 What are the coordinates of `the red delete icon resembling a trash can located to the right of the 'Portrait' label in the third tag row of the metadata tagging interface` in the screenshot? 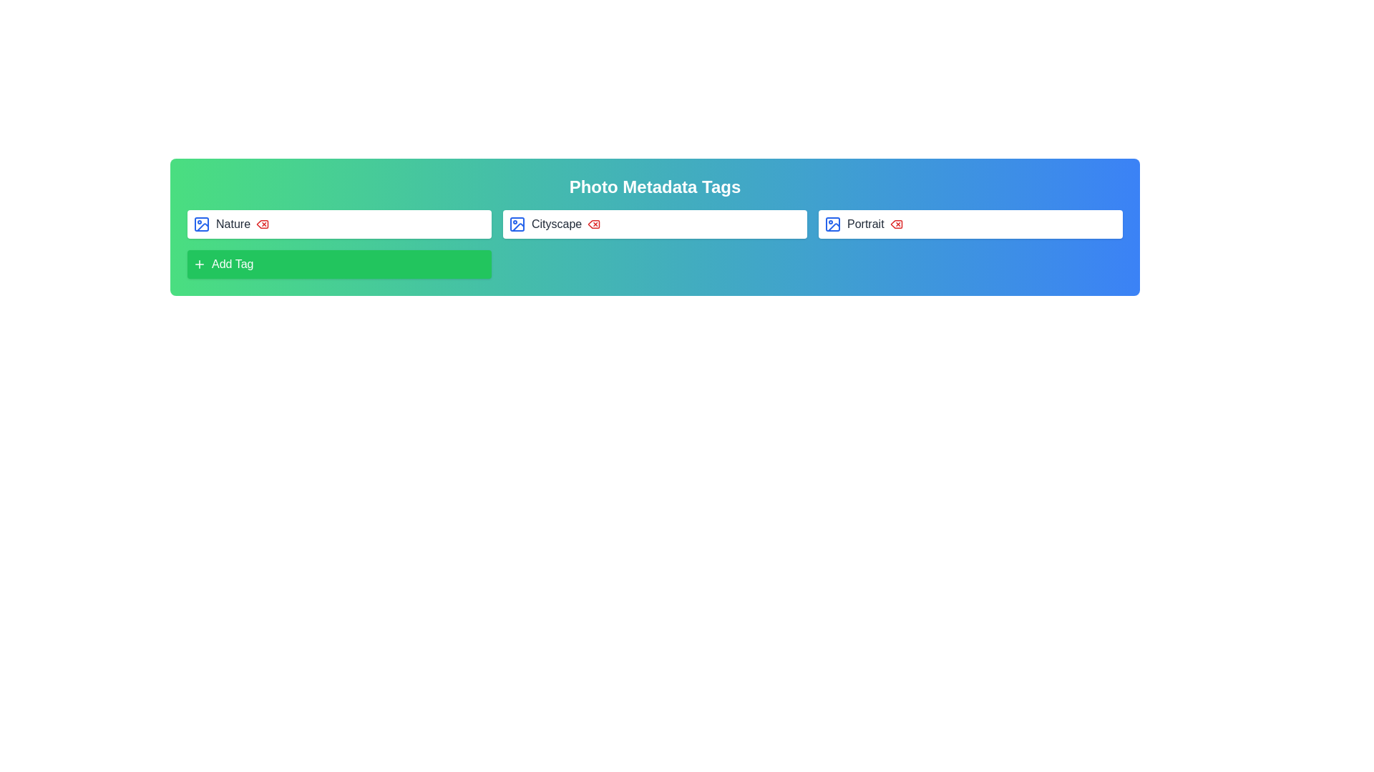 It's located at (895, 224).